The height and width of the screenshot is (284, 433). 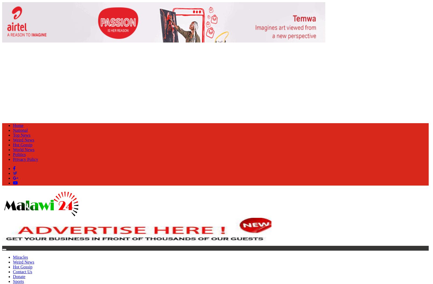 I want to click on 'Top News', so click(x=22, y=135).